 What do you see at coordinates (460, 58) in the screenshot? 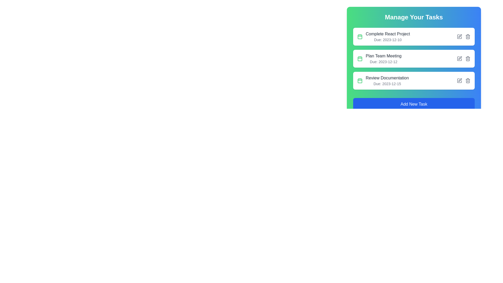
I see `the edit icon located in the upper right area of the 'Plan Team Meeting' button, which serves as a visual representation for editing or annotating the task` at bounding box center [460, 58].